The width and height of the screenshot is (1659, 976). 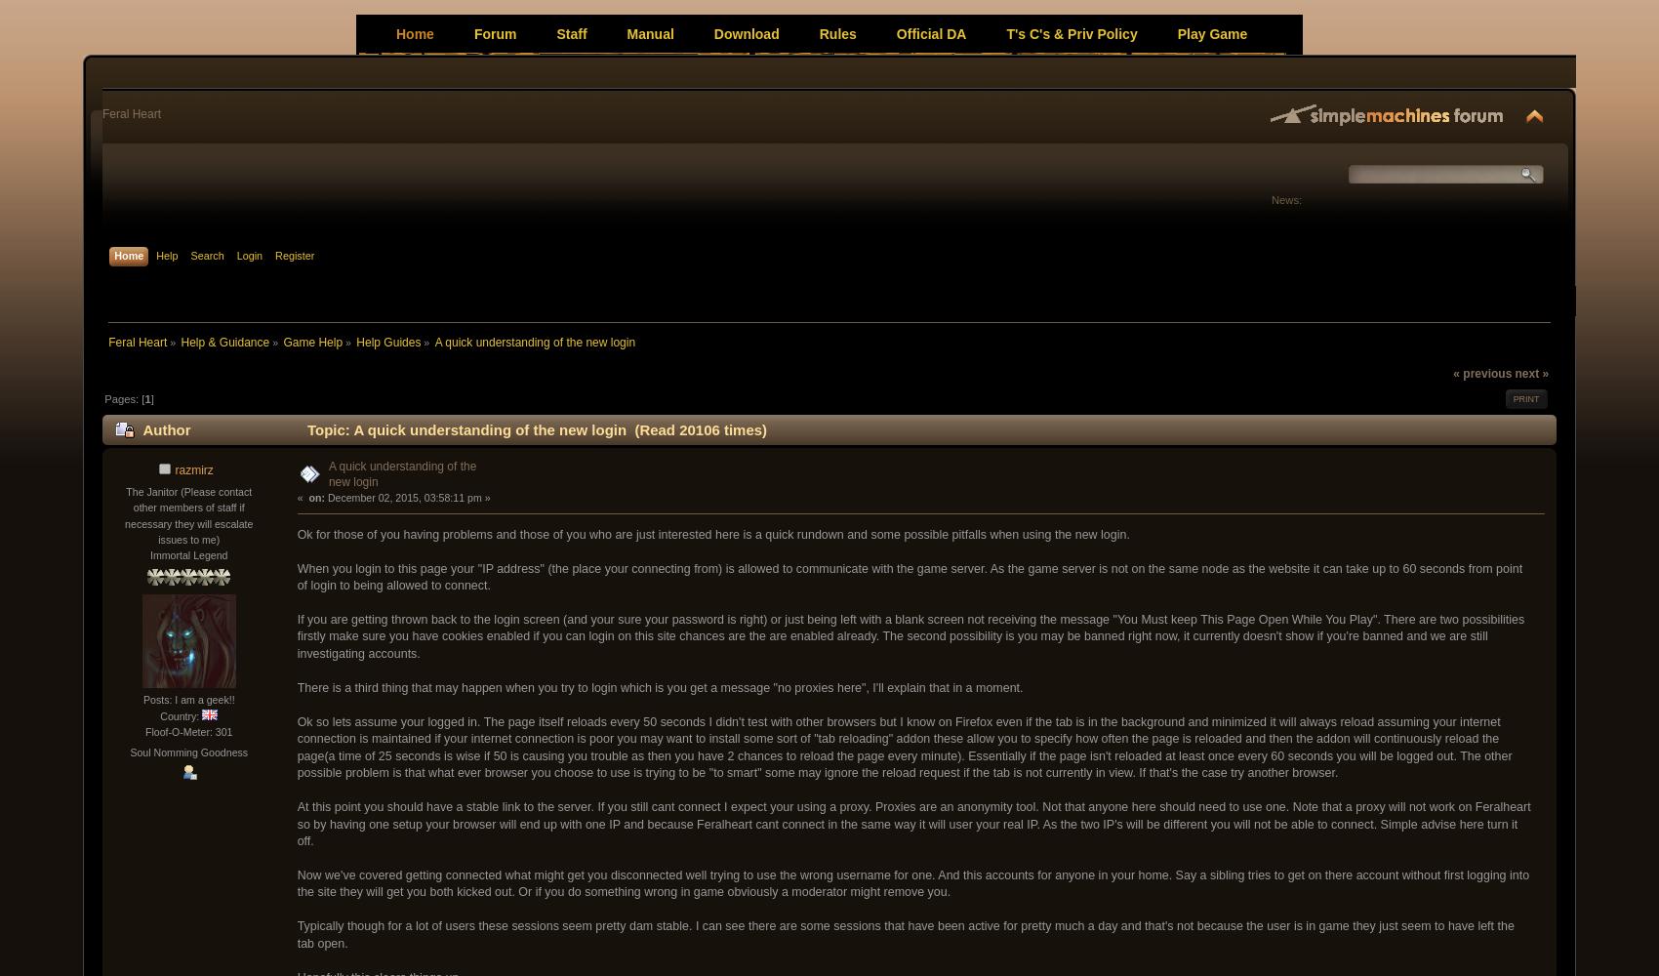 What do you see at coordinates (192, 468) in the screenshot?
I see `'razmirz'` at bounding box center [192, 468].